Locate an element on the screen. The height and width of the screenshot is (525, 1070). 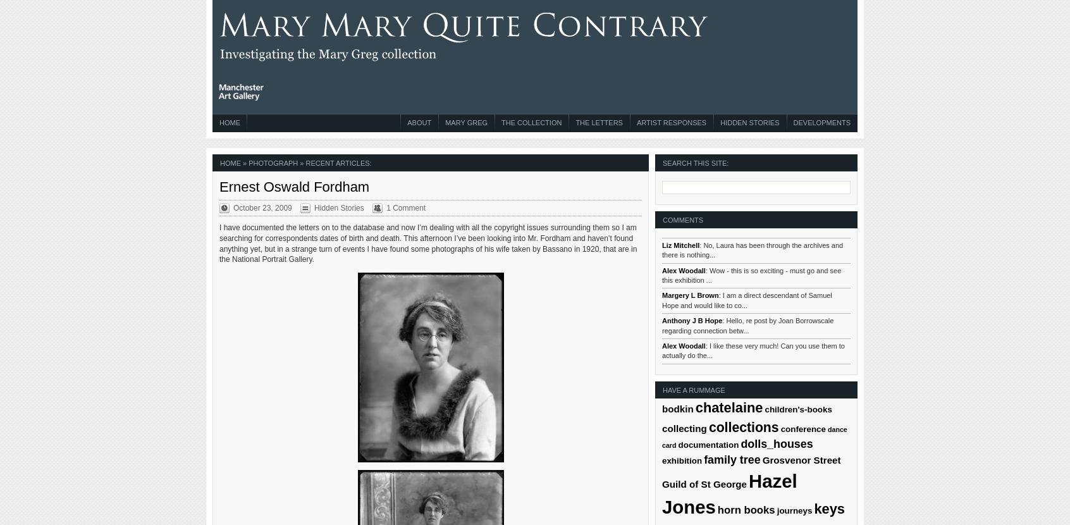
'Ernest Oswald Fordham' is located at coordinates (293, 185).